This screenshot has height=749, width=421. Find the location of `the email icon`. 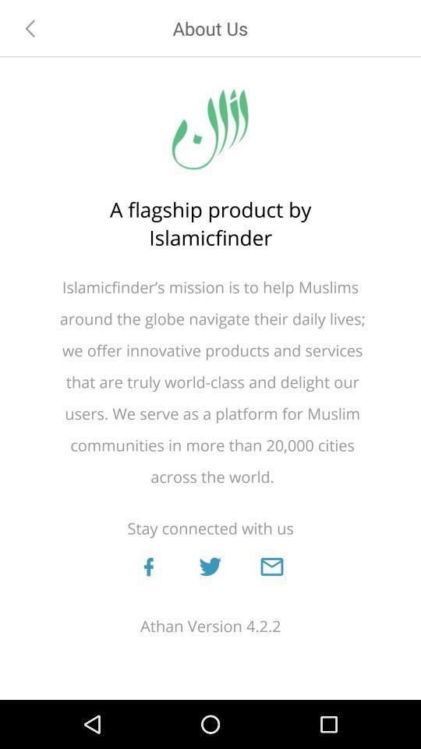

the email icon is located at coordinates (271, 566).